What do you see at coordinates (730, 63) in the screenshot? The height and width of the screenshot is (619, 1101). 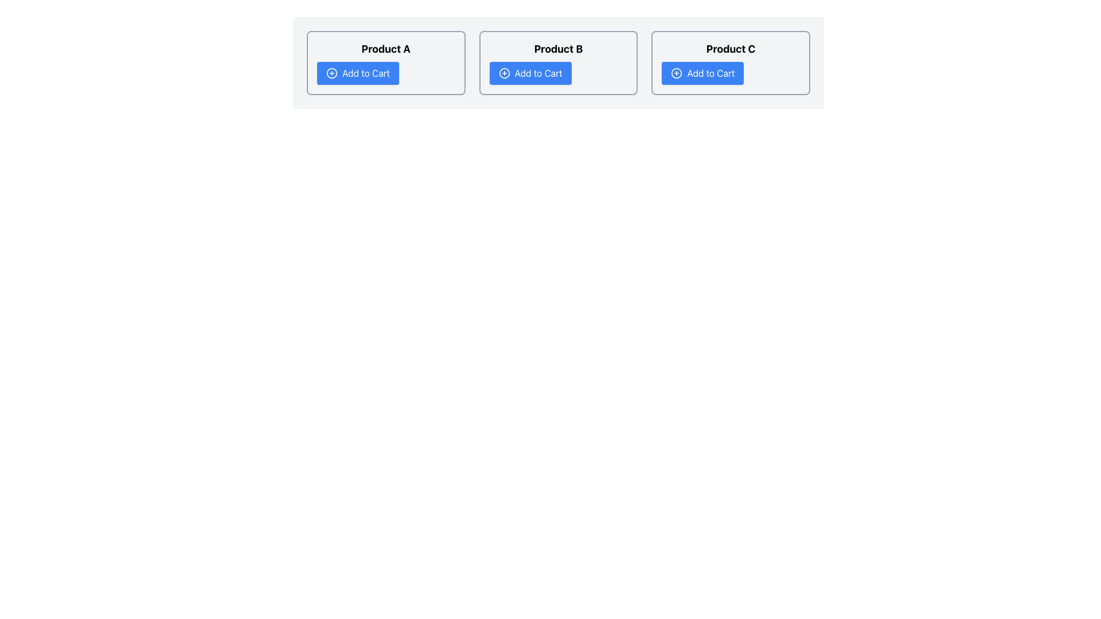 I see `the 'Add to Cart' button on the 'Product C' card, which is the third card in the grid layout` at bounding box center [730, 63].